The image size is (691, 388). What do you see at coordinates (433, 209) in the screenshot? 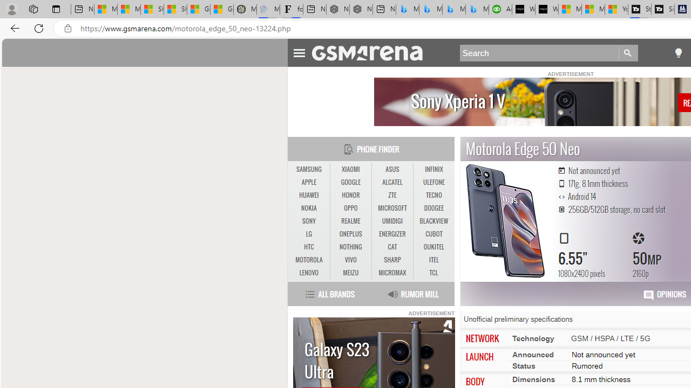
I see `'DOOGEE'` at bounding box center [433, 209].